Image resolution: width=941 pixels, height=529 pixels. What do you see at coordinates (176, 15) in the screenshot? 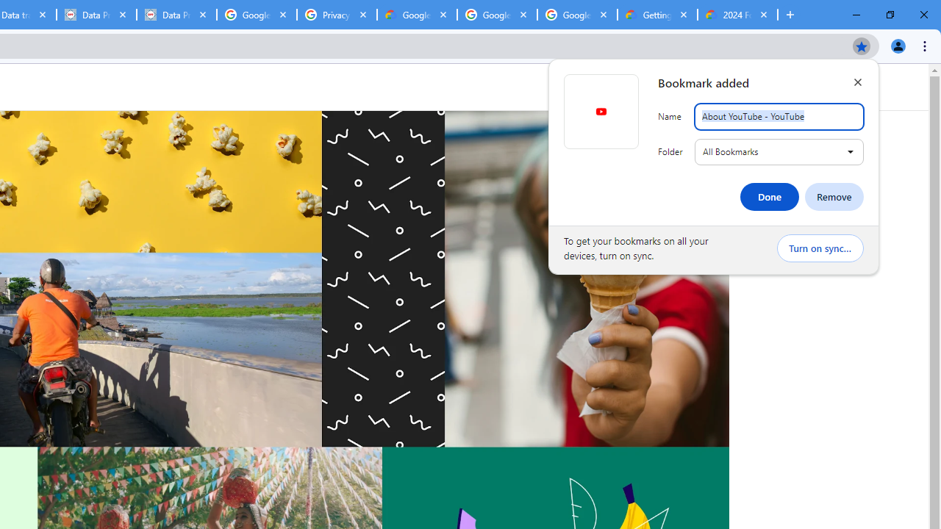
I see `'Data Privacy Framework'` at bounding box center [176, 15].